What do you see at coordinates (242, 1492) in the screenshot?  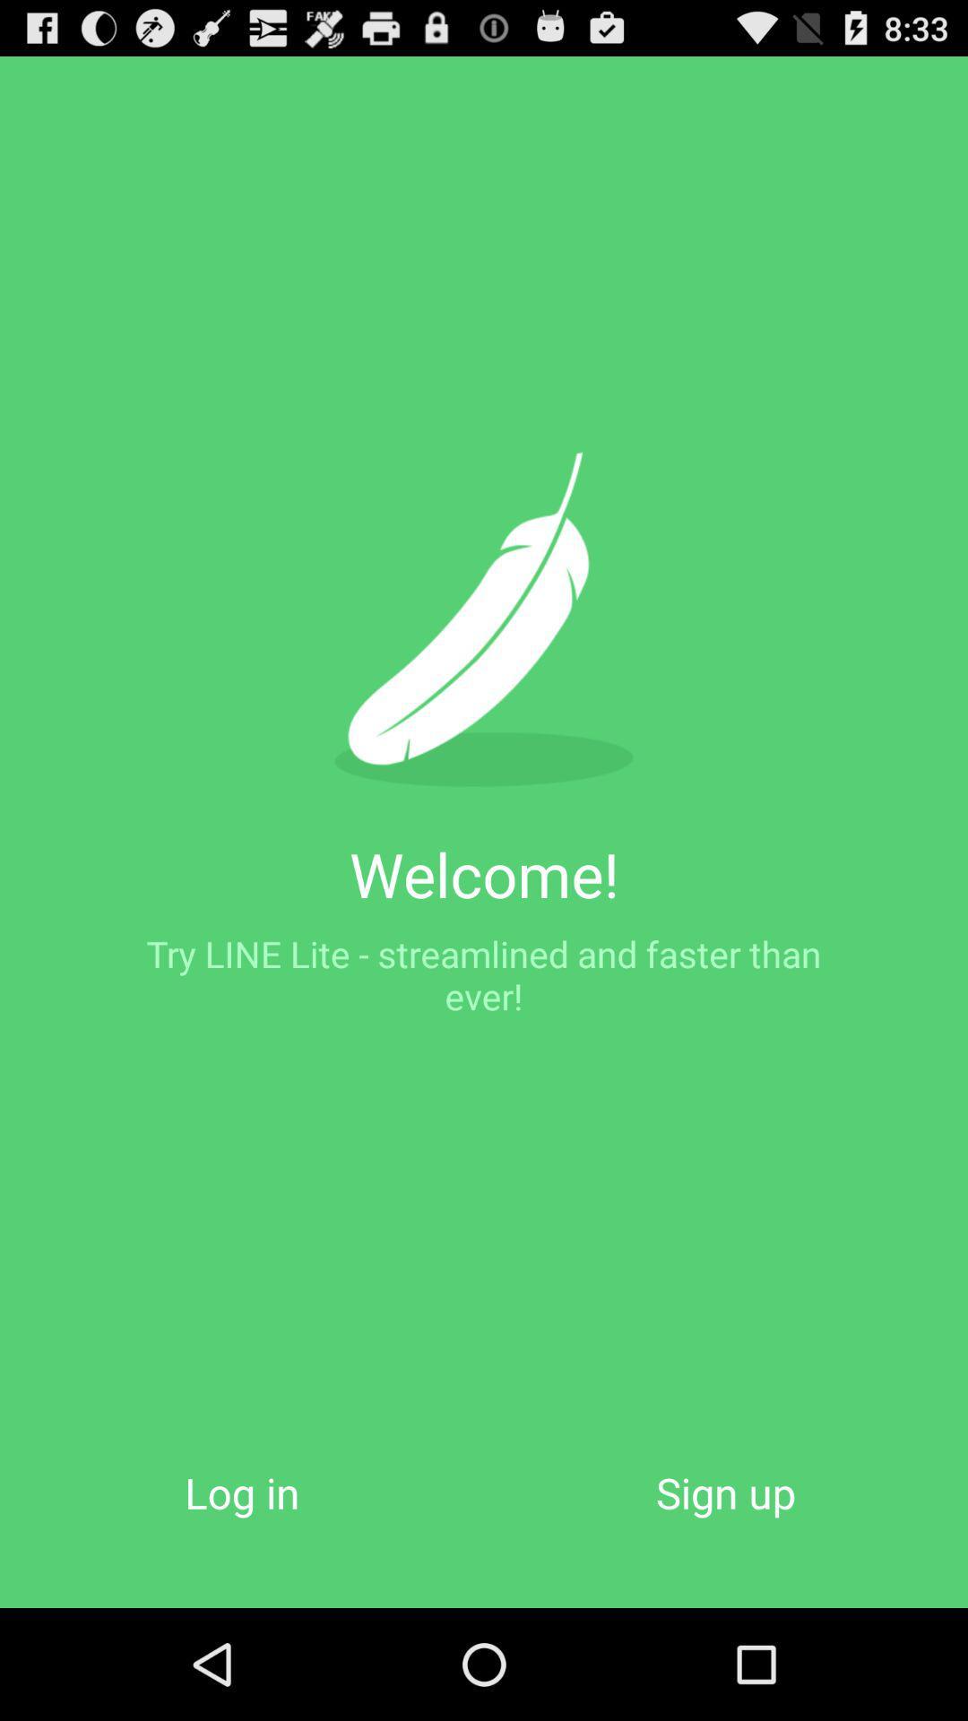 I see `the log in icon` at bounding box center [242, 1492].